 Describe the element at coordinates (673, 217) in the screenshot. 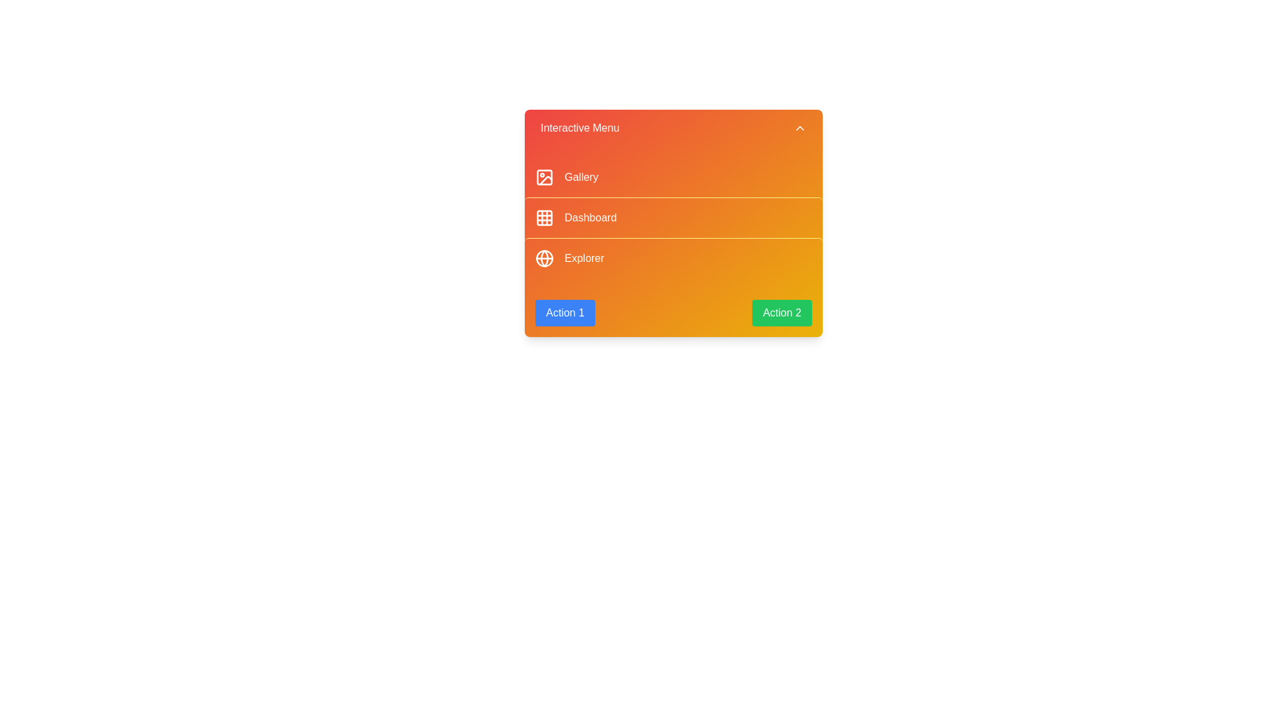

I see `the menu item labeled 'Dashboard' to observe its hover effect` at that location.